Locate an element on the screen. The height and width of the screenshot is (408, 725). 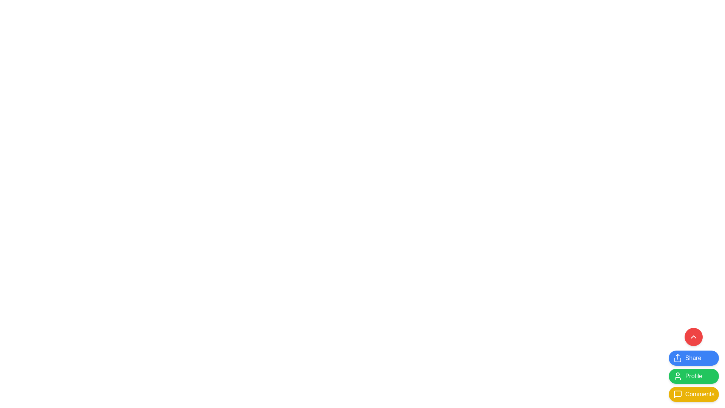
the second button titled 'Profile' in the vertical group of buttons is located at coordinates (694, 376).